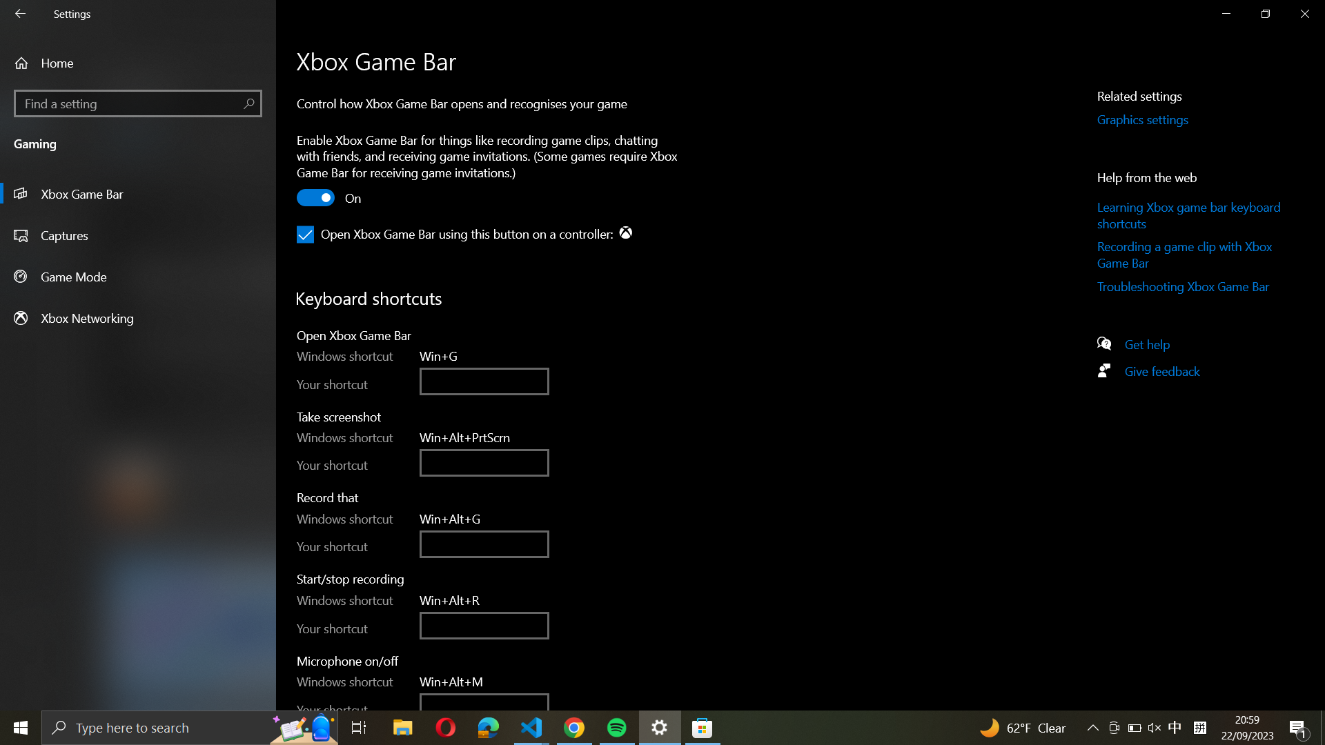  Describe the element at coordinates (1191, 288) in the screenshot. I see `the Troubleshooting Xbox Game Bar page` at that location.